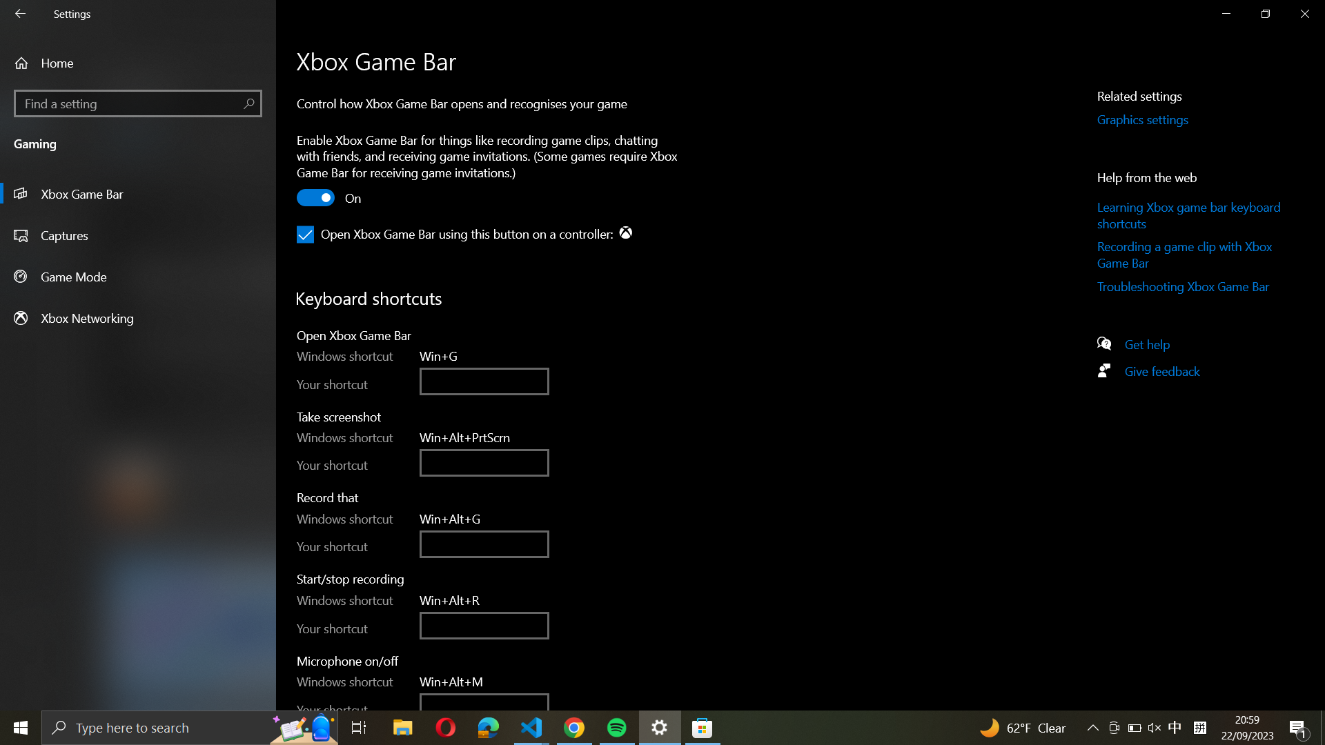  Describe the element at coordinates (1191, 288) in the screenshot. I see `the Troubleshooting Xbox Game Bar page` at that location.